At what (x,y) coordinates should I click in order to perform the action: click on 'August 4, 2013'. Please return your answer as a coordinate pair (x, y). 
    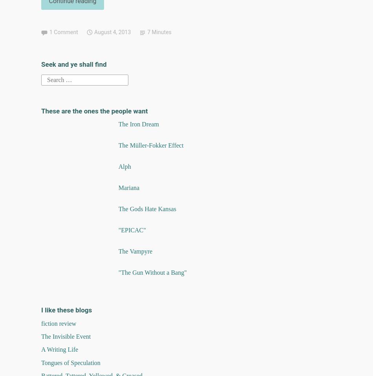
    Looking at the image, I should click on (112, 32).